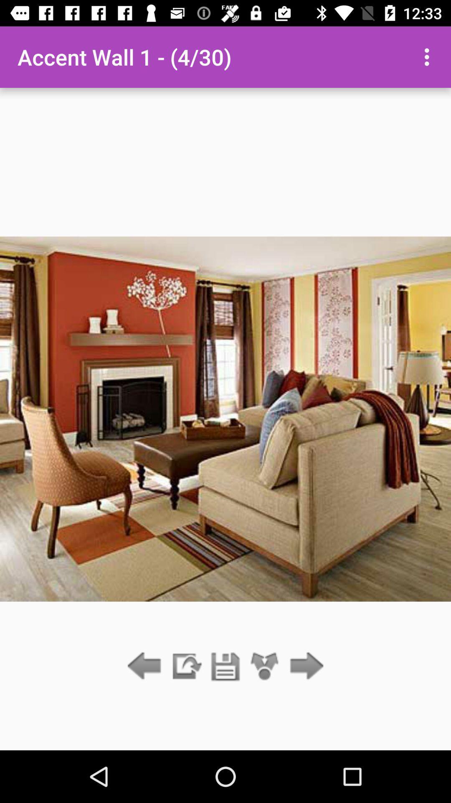 Image resolution: width=451 pixels, height=803 pixels. Describe the element at coordinates (429, 56) in the screenshot. I see `the icon at the top right corner` at that location.